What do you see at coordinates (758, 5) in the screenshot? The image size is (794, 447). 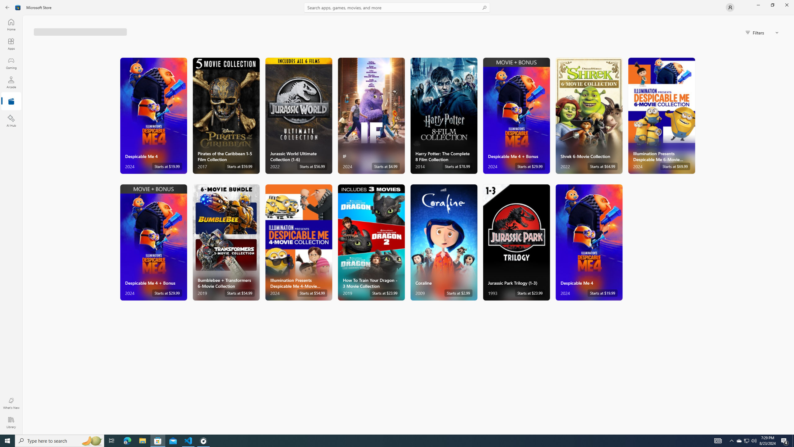 I see `'Minimize Microsoft Store'` at bounding box center [758, 5].